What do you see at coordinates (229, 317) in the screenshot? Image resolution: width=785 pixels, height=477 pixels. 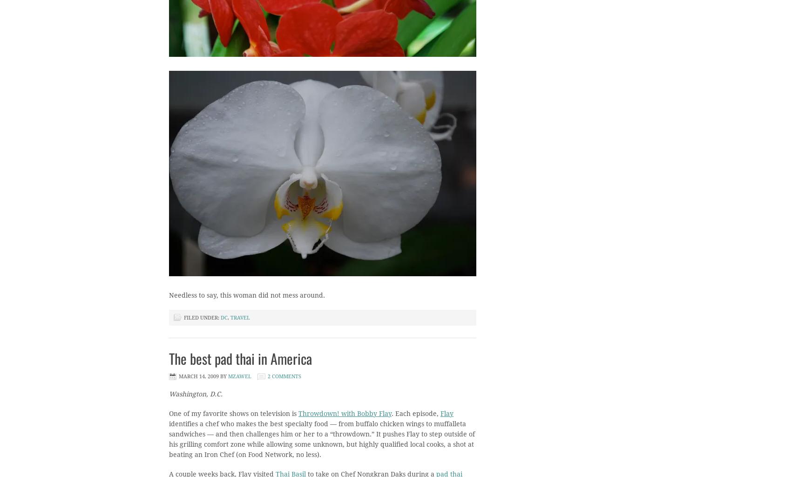 I see `','` at bounding box center [229, 317].